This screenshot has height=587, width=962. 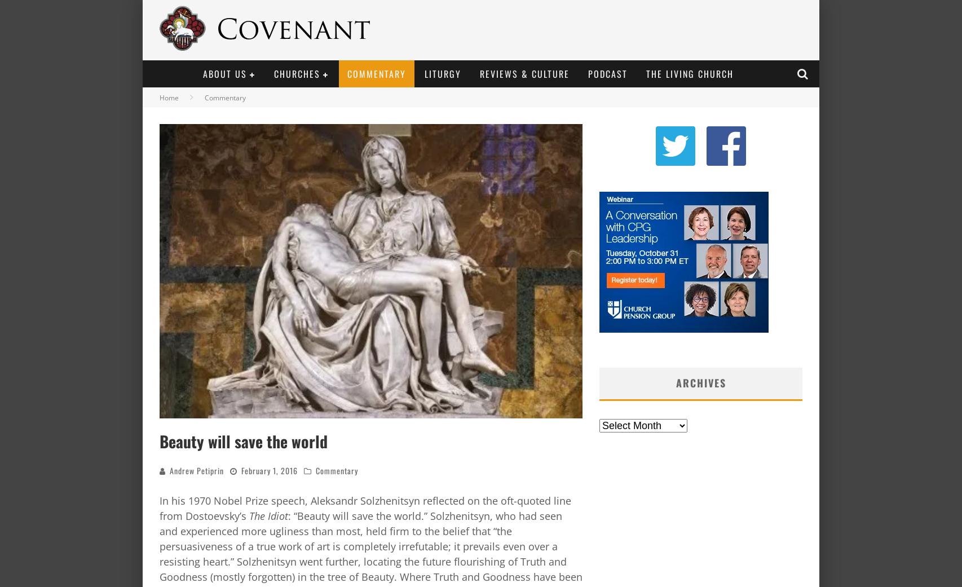 What do you see at coordinates (160, 98) in the screenshot?
I see `'Home'` at bounding box center [160, 98].